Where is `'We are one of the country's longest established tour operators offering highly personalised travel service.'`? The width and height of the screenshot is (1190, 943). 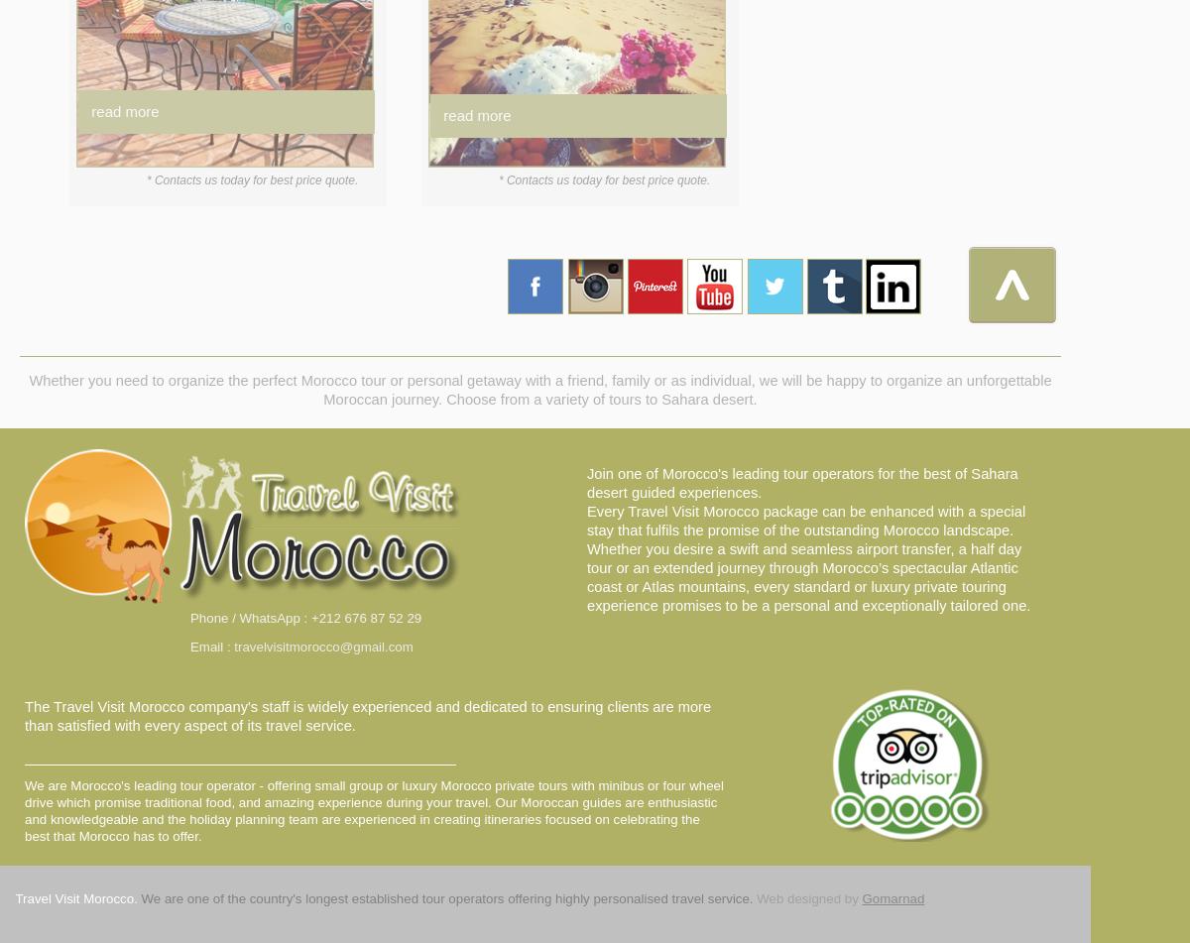
'We are one of the country's longest established tour operators offering highly personalised travel service.' is located at coordinates (446, 897).